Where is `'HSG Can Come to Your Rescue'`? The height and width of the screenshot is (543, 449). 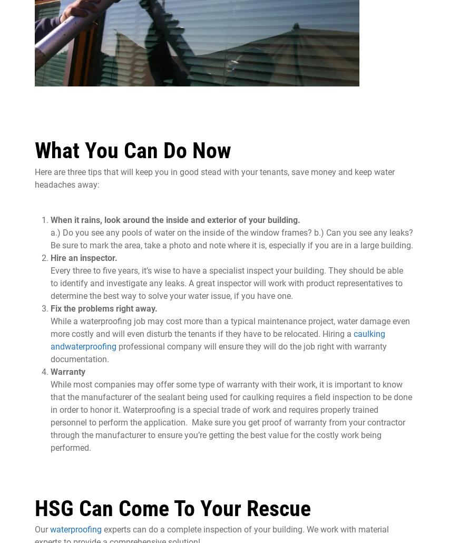 'HSG Can Come to Your Rescue' is located at coordinates (173, 507).